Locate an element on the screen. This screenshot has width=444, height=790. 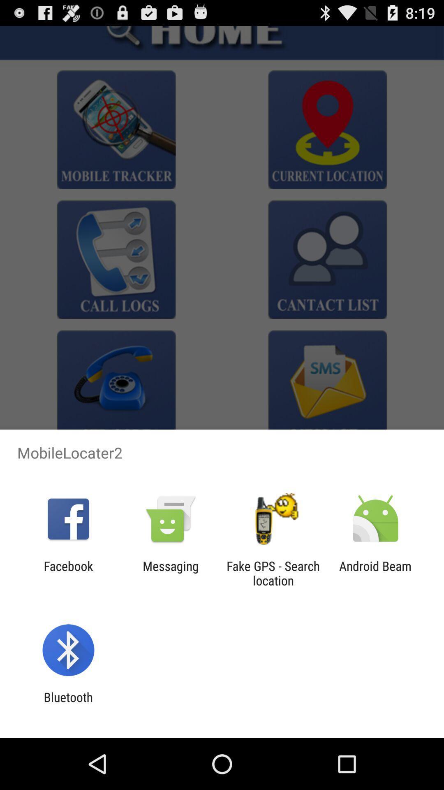
the icon next to fake gps search icon is located at coordinates (170, 573).